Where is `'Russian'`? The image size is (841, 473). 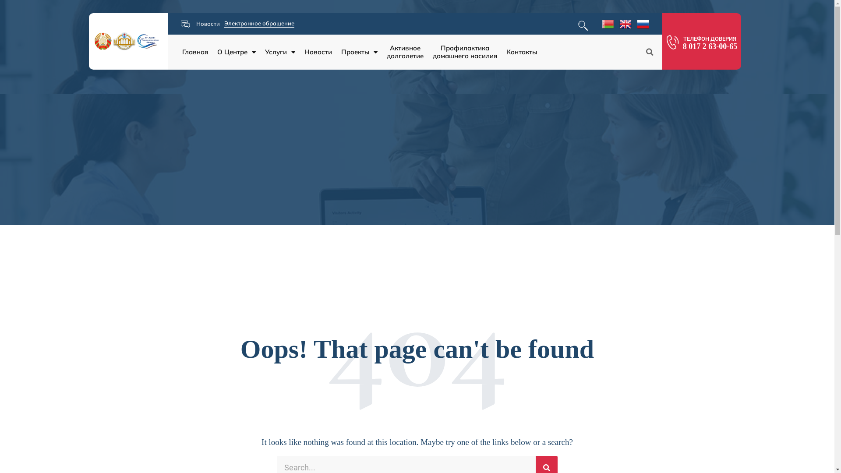
'Russian' is located at coordinates (643, 23).